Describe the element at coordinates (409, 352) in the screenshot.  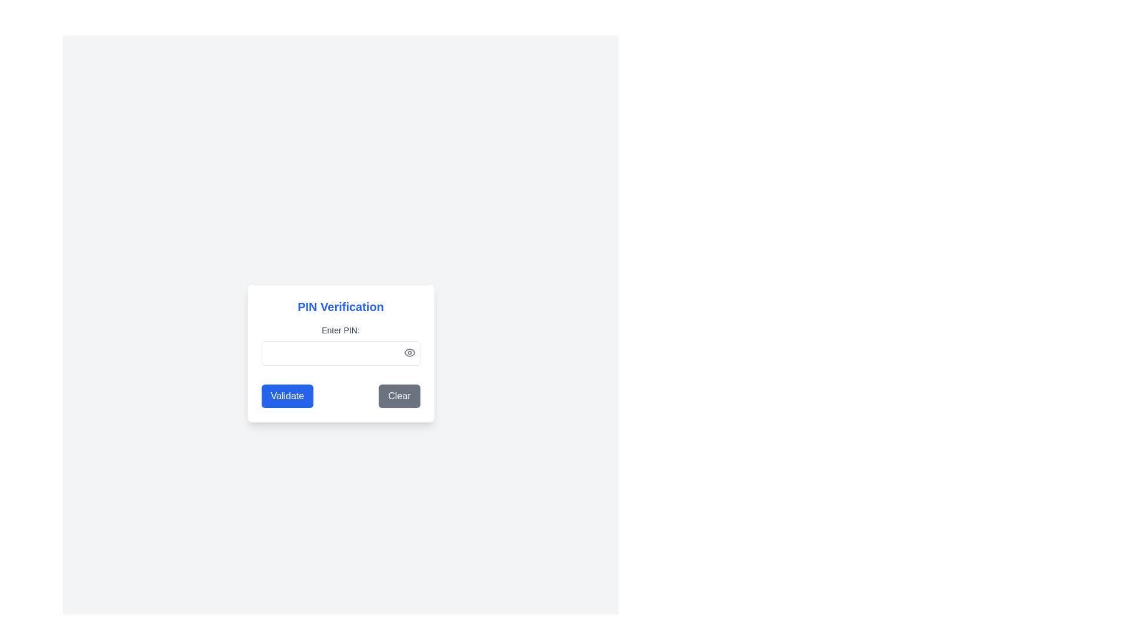
I see `the toggle visibility button (eye icon) located in the top-right corner of the password input field` at that location.